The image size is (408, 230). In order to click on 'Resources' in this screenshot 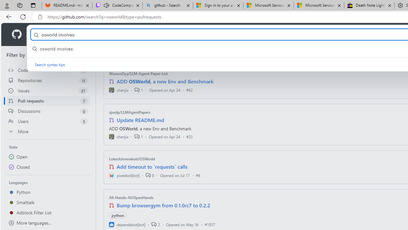, I will do `click(105, 34)`.